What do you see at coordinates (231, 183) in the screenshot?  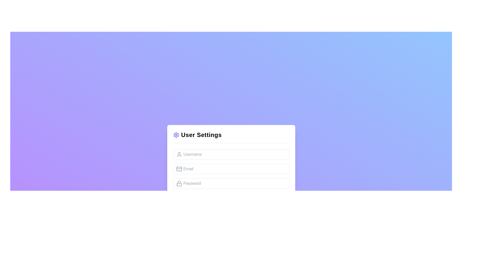 I see `the Password input field located under the 'User Settings' title` at bounding box center [231, 183].